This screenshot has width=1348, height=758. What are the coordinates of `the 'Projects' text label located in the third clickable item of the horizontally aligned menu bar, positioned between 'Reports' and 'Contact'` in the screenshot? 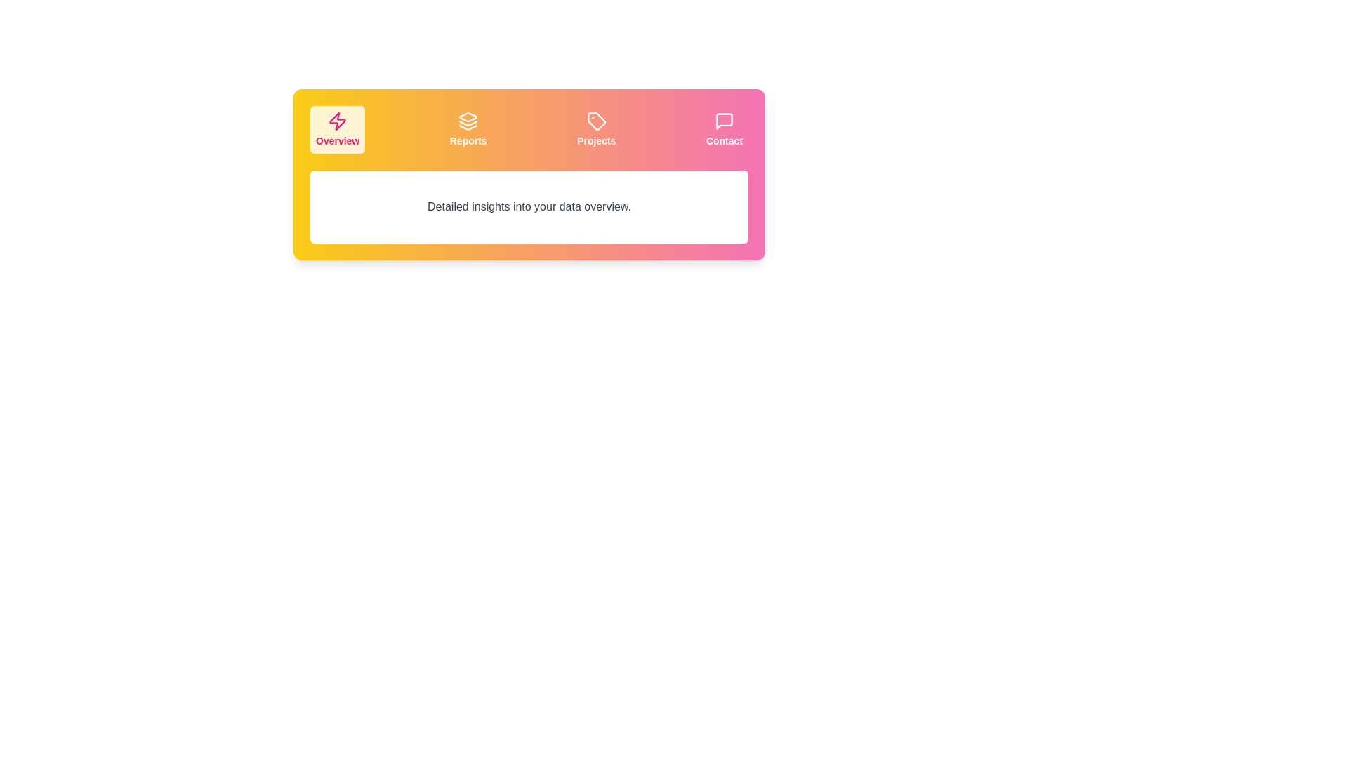 It's located at (596, 140).